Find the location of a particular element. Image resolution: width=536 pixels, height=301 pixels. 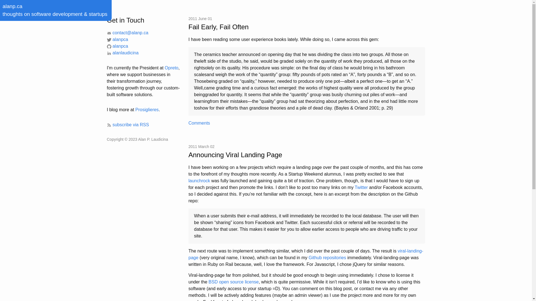

'alanpca' is located at coordinates (117, 39).